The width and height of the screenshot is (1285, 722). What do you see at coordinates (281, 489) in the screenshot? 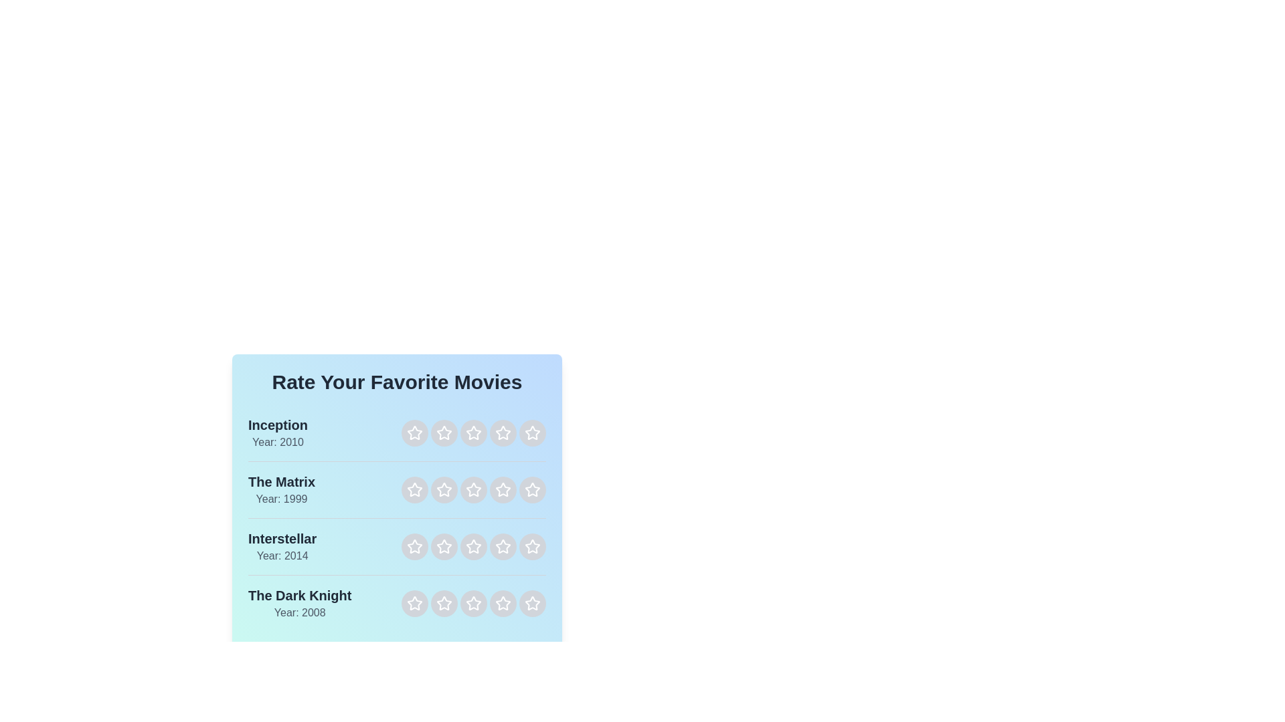
I see `the details of the movie The Matrix` at bounding box center [281, 489].